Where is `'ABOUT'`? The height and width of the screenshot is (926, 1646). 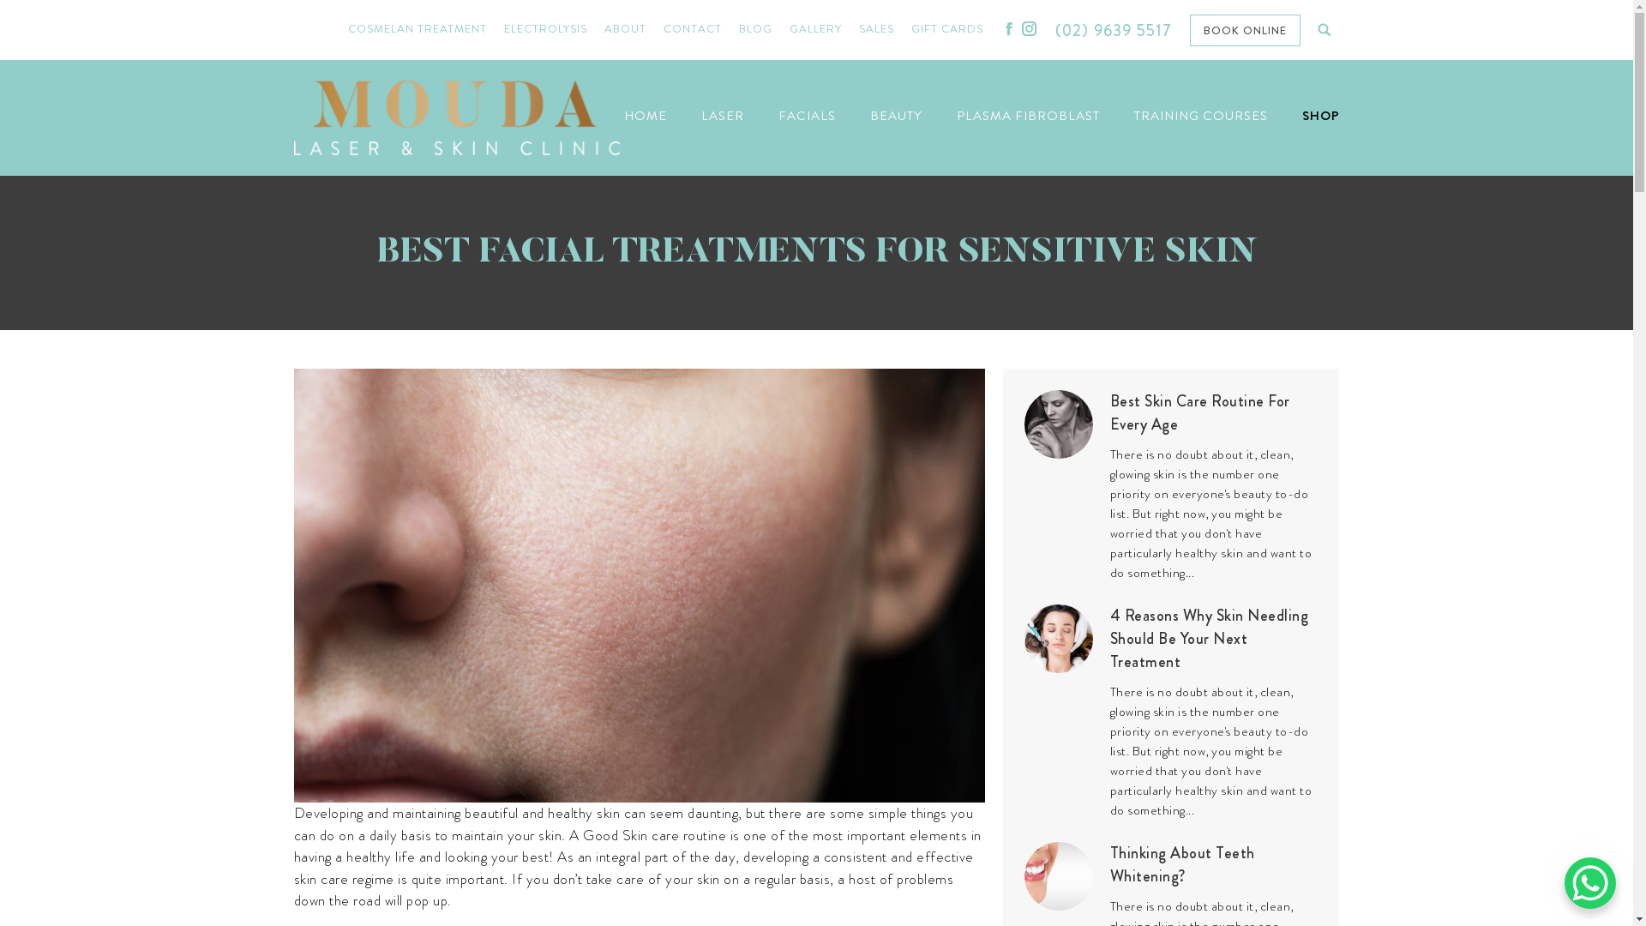 'ABOUT' is located at coordinates (624, 29).